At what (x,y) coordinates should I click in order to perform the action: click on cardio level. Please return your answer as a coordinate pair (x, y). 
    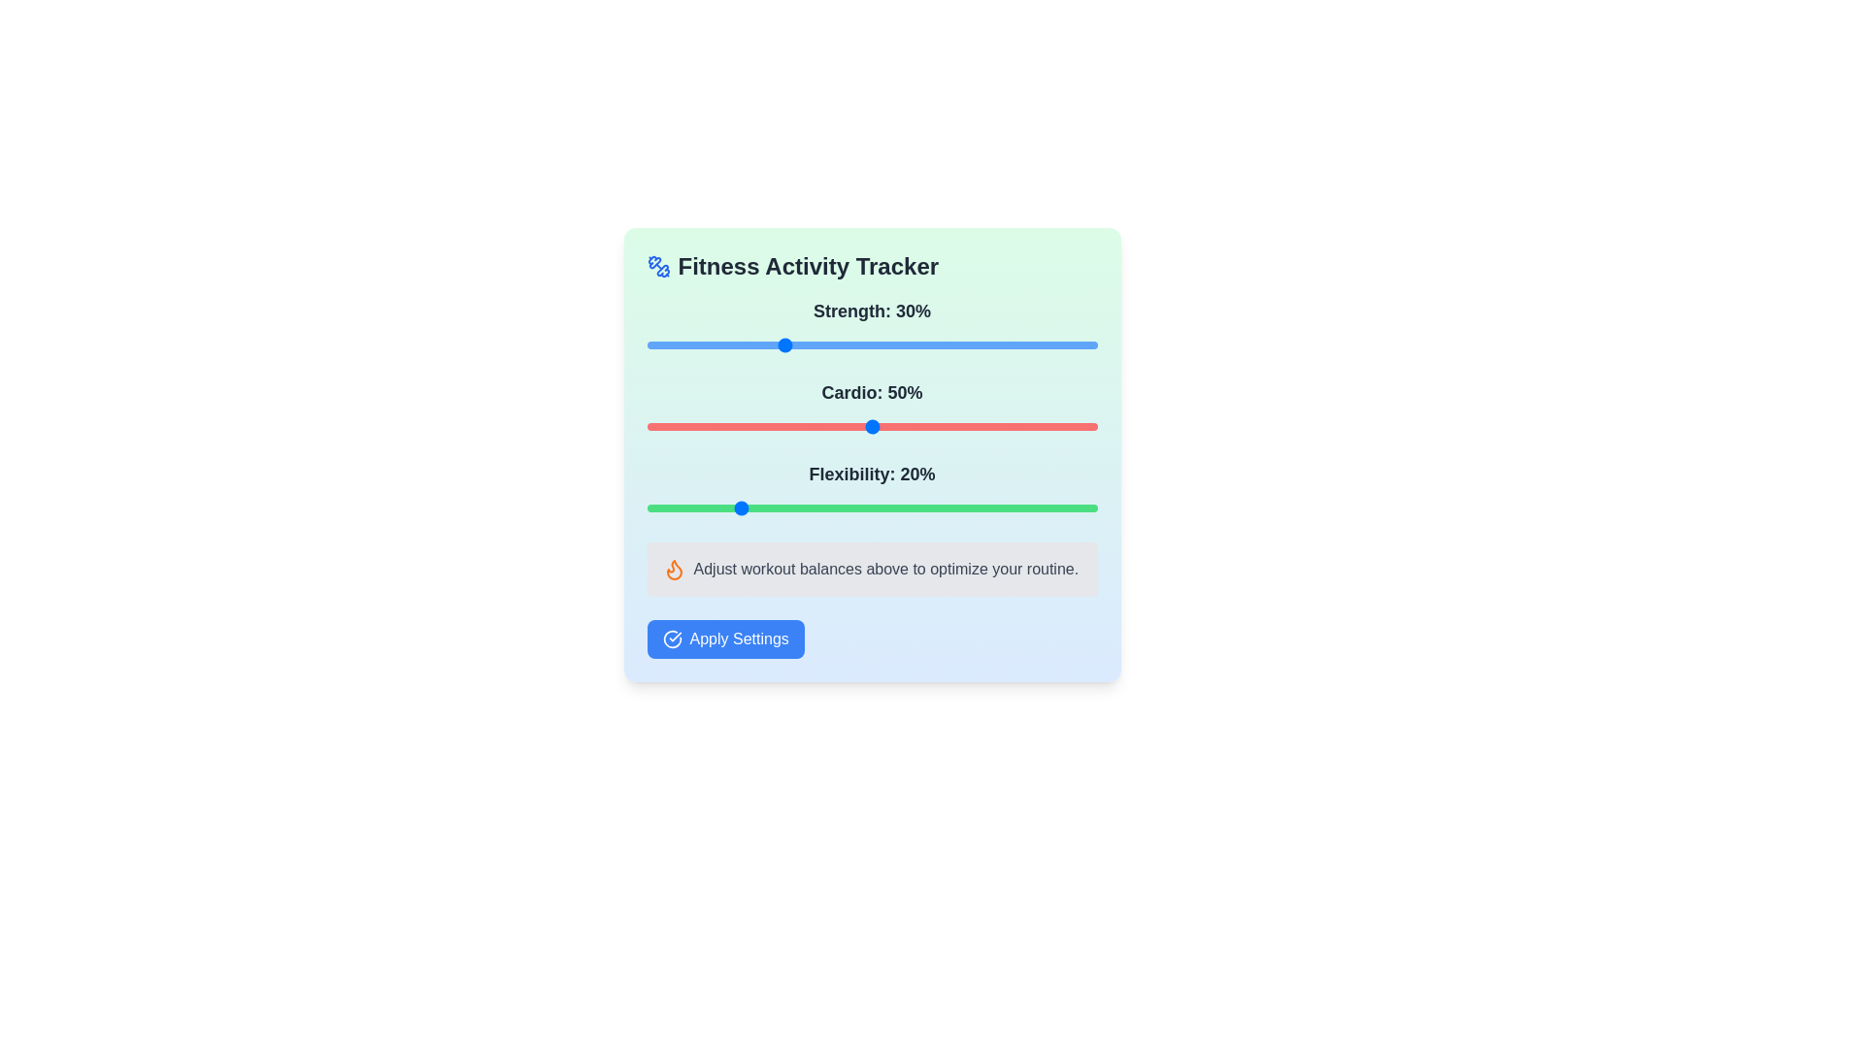
    Looking at the image, I should click on (884, 425).